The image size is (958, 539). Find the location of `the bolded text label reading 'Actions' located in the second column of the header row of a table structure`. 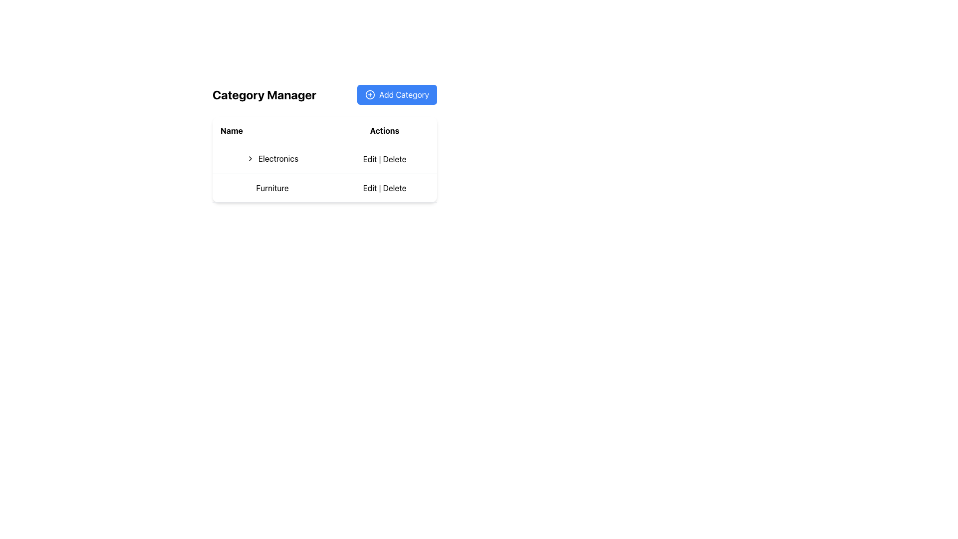

the bolded text label reading 'Actions' located in the second column of the header row of a table structure is located at coordinates (384, 130).